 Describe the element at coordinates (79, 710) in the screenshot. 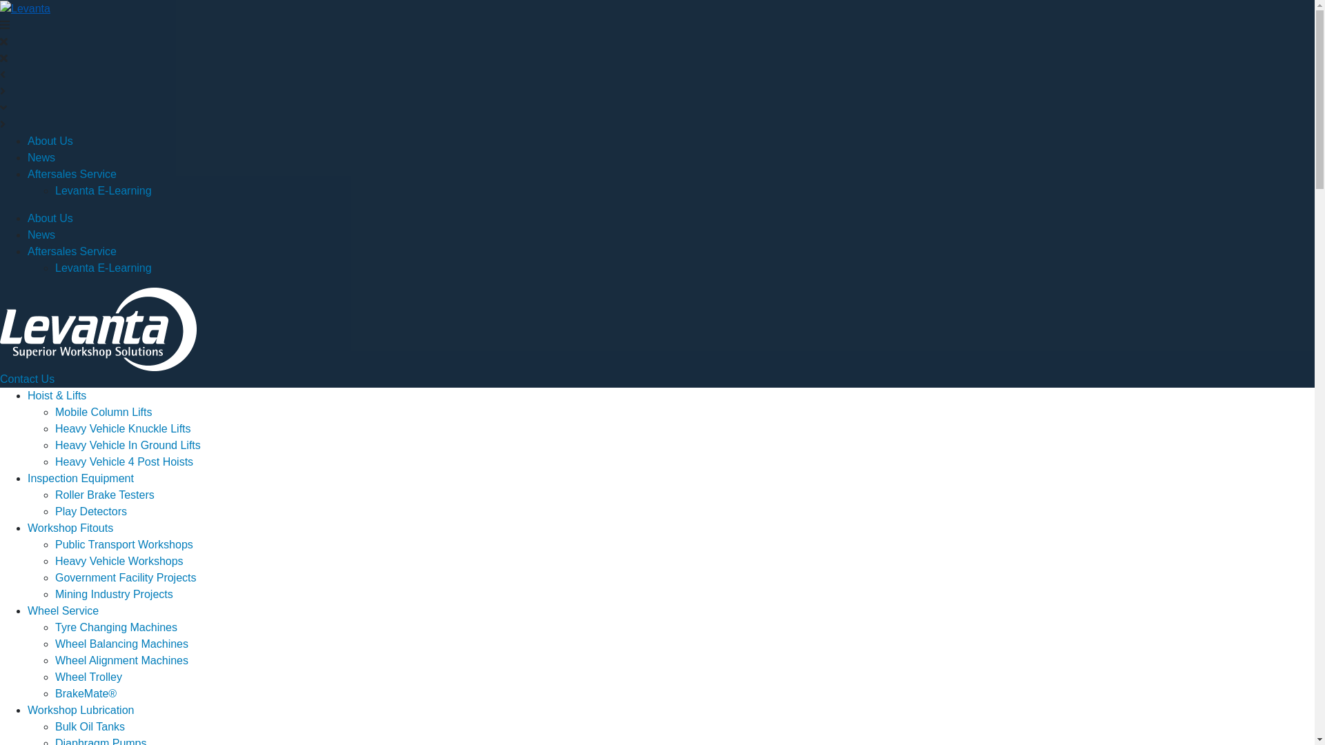

I see `'Workshop Lubrication'` at that location.